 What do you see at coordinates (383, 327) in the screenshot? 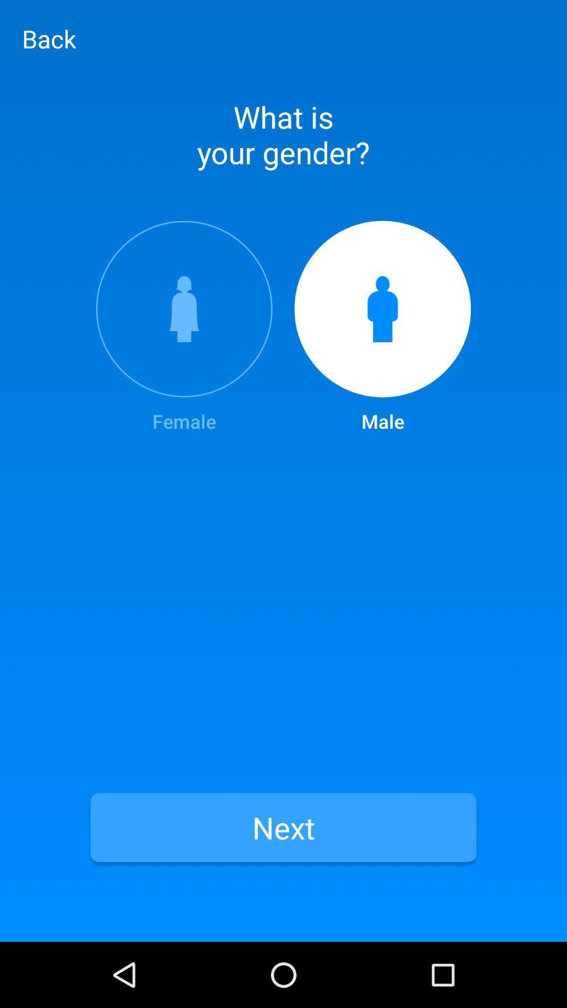
I see `icon to the right of female item` at bounding box center [383, 327].